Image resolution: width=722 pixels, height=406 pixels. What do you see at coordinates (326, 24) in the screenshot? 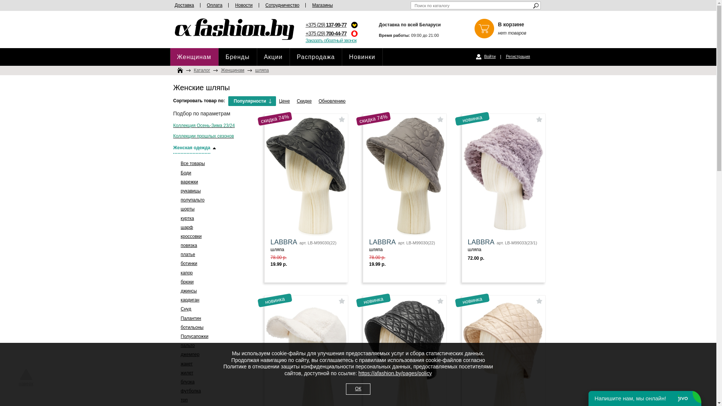
I see `'+375 (29) 137-99-77'` at bounding box center [326, 24].